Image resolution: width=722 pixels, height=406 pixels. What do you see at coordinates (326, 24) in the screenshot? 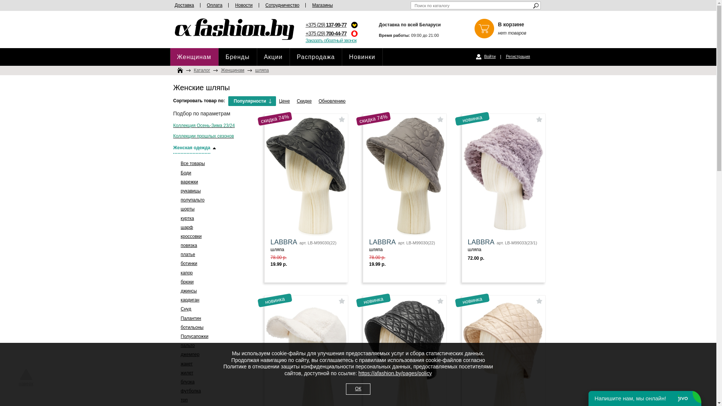
I see `'+375 (29) 137-99-77'` at bounding box center [326, 24].